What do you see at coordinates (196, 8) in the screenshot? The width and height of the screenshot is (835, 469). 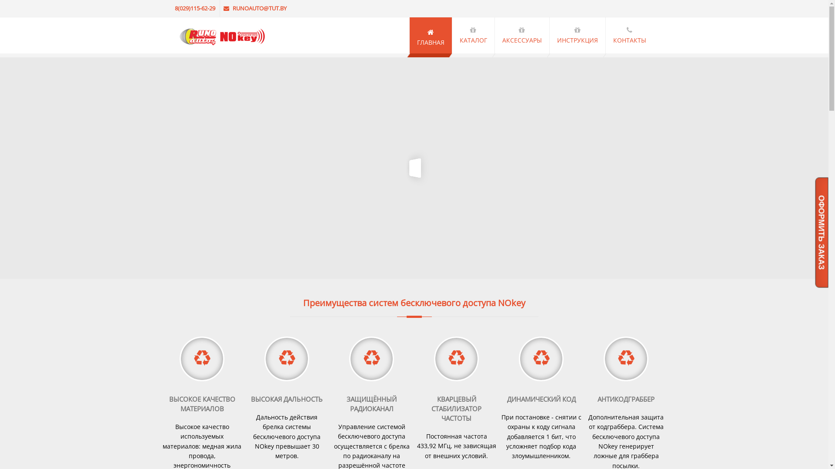 I see `'8(029)115-62-29'` at bounding box center [196, 8].